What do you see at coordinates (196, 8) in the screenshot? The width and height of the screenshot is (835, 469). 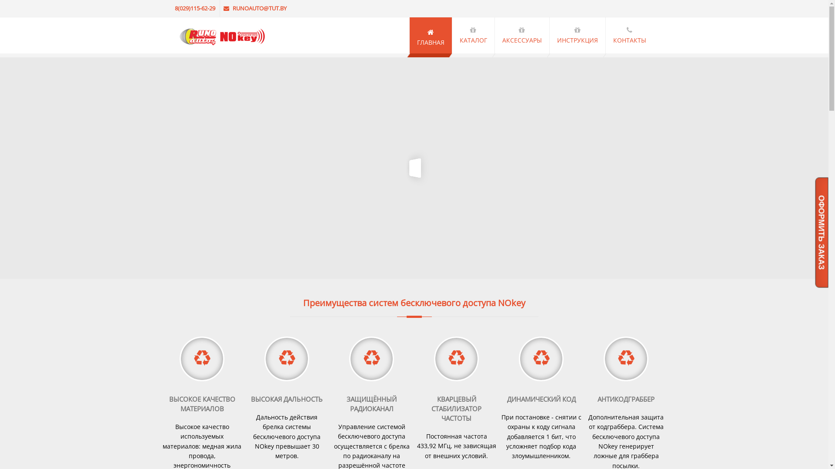 I see `'8(029)115-62-29'` at bounding box center [196, 8].